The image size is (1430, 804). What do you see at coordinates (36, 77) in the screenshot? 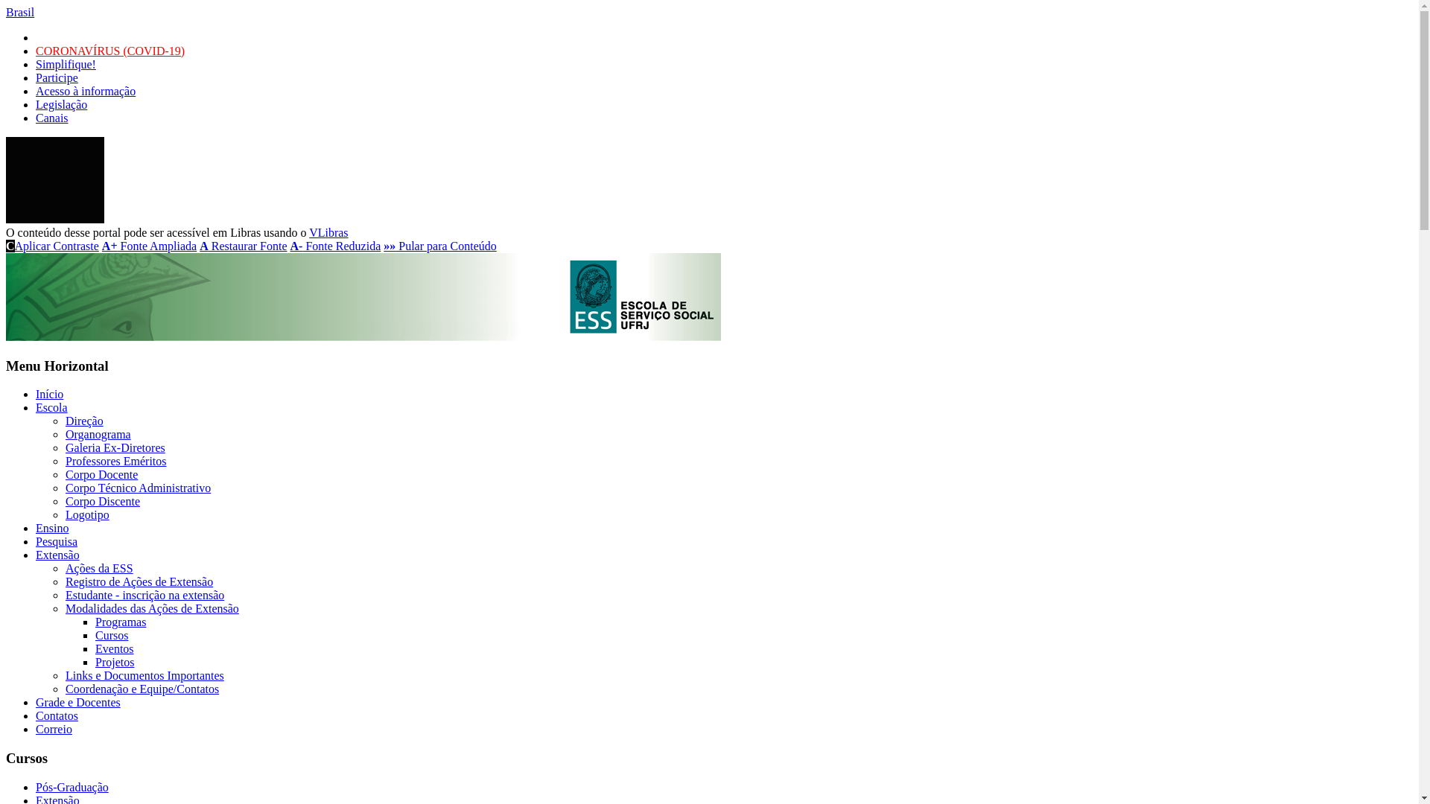
I see `'Participe'` at bounding box center [36, 77].